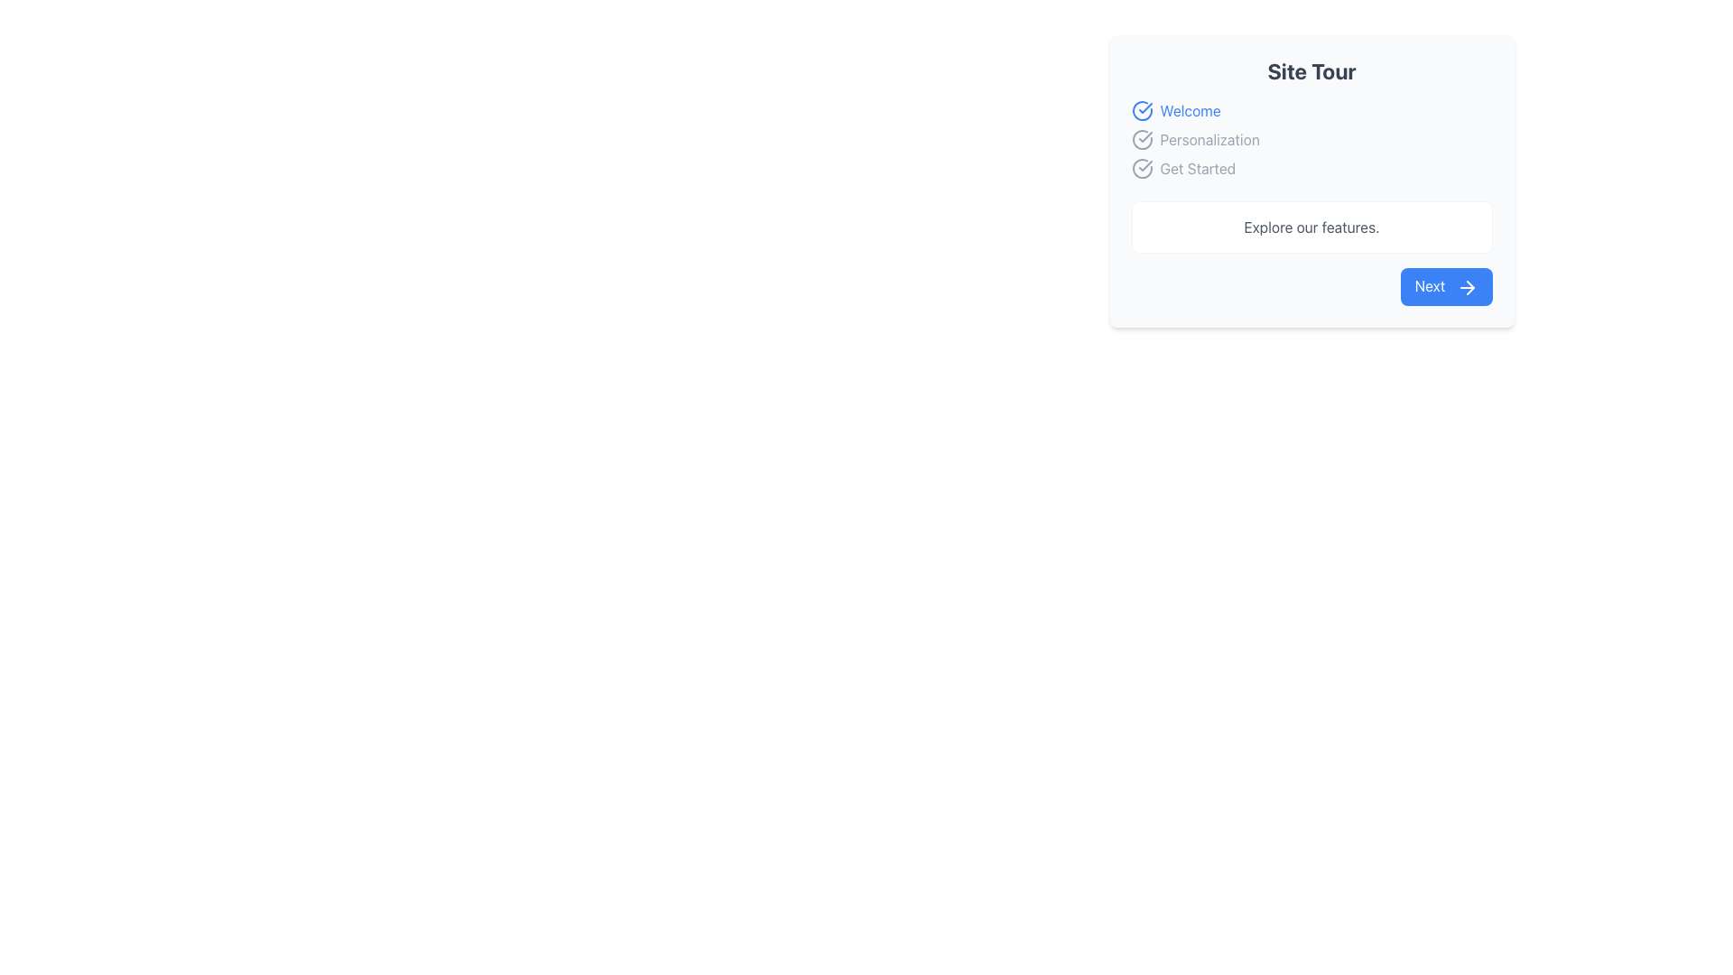 Image resolution: width=1733 pixels, height=975 pixels. Describe the element at coordinates (1141, 138) in the screenshot. I see `the circular outline icon representing a status marker, located to the left of the 'Personalization' text in the step-by-step guide interface` at that location.